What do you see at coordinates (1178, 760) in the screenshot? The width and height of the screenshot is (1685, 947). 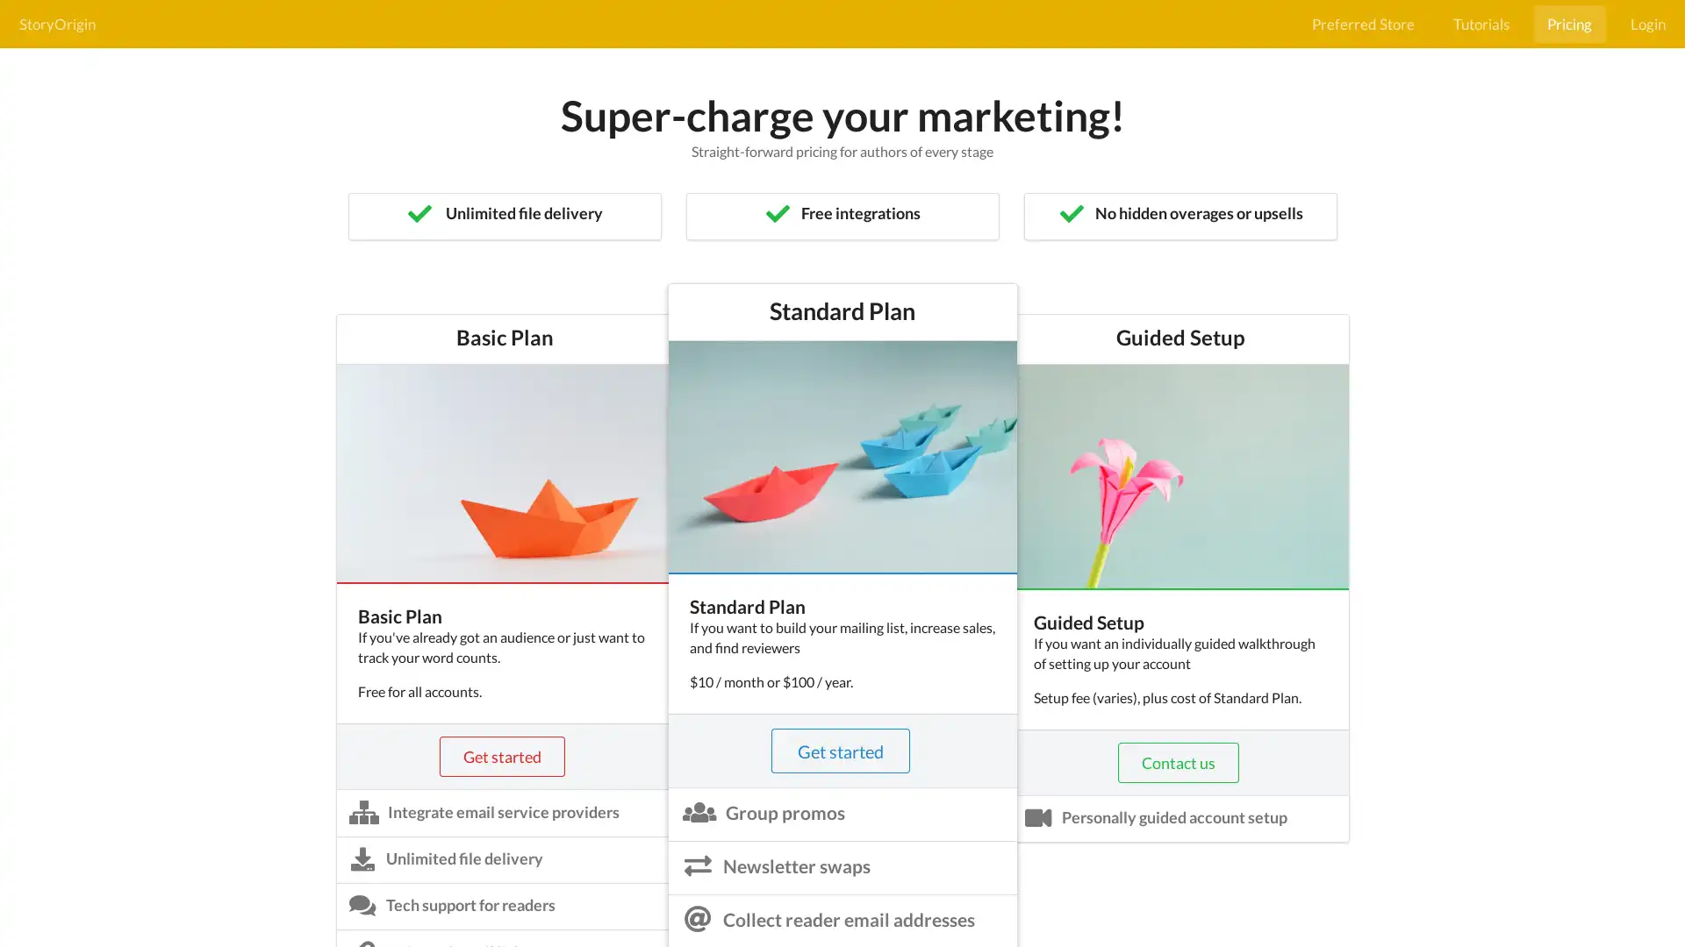 I see `Contact us` at bounding box center [1178, 760].